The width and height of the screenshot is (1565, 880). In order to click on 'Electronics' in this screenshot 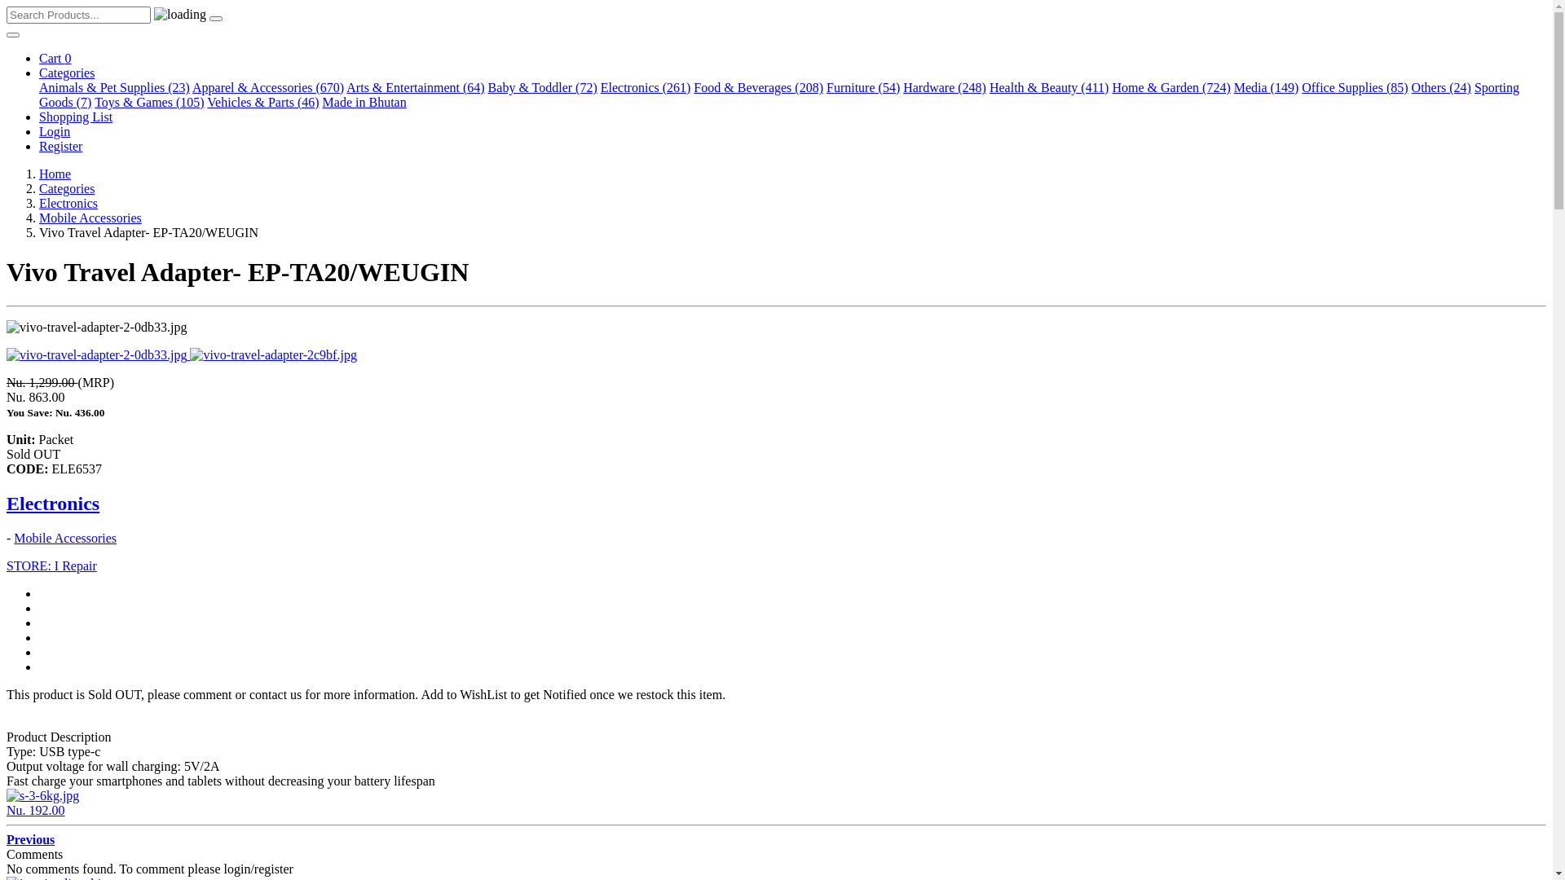, I will do `click(67, 202)`.